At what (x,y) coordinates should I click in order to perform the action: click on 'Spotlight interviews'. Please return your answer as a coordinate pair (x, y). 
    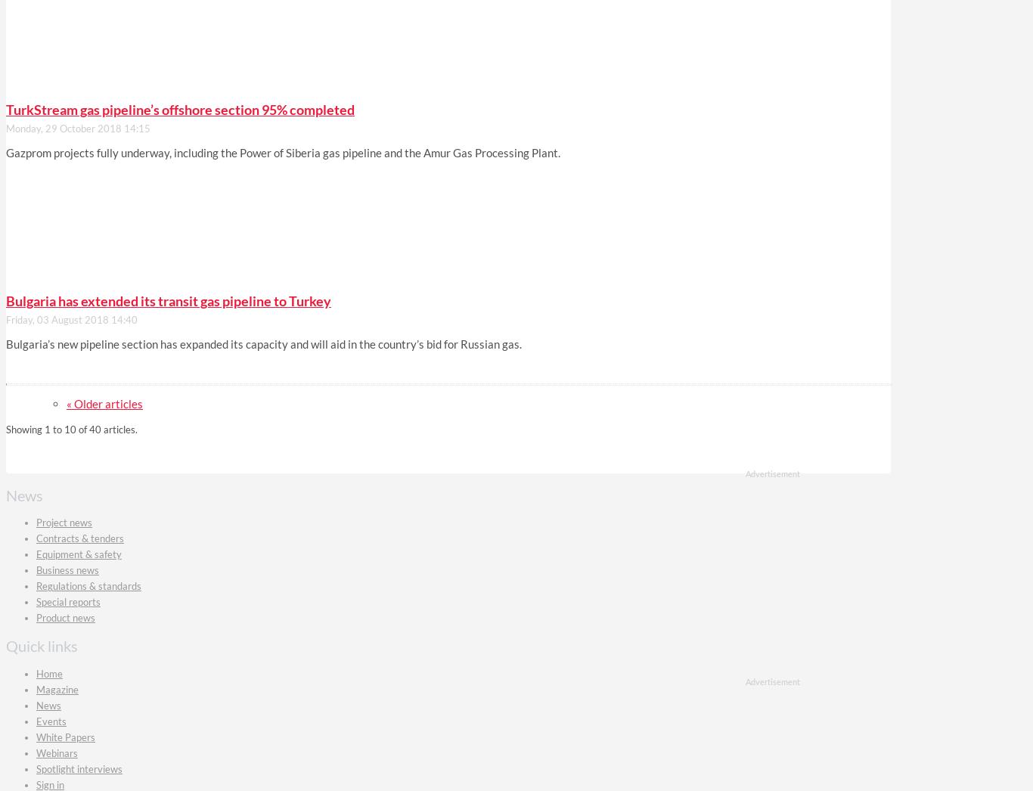
    Looking at the image, I should click on (79, 768).